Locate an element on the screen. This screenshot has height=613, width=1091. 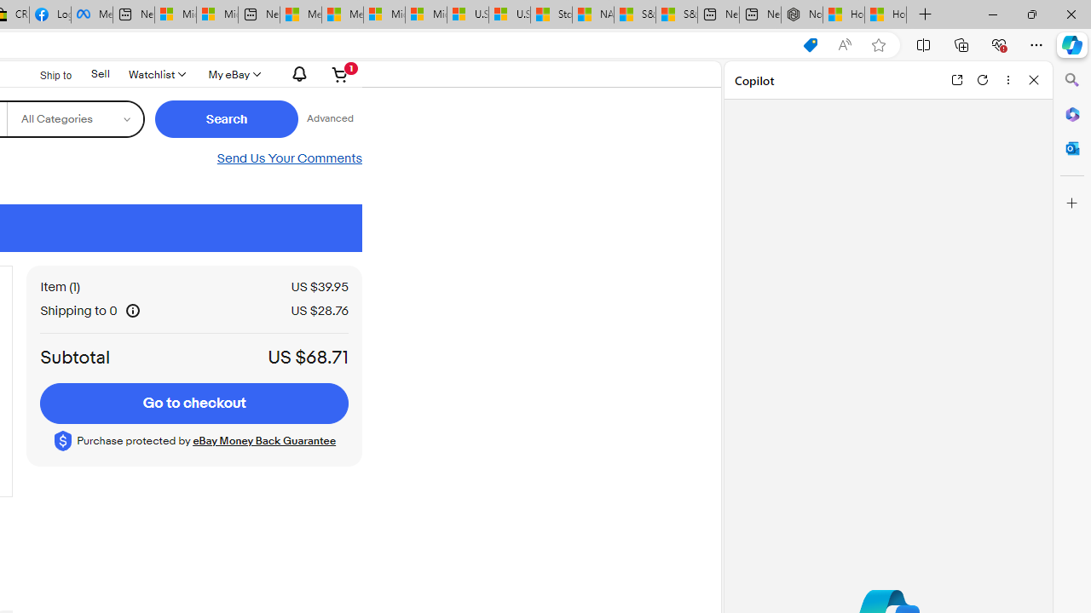
'Ship to' is located at coordinates (44, 74).